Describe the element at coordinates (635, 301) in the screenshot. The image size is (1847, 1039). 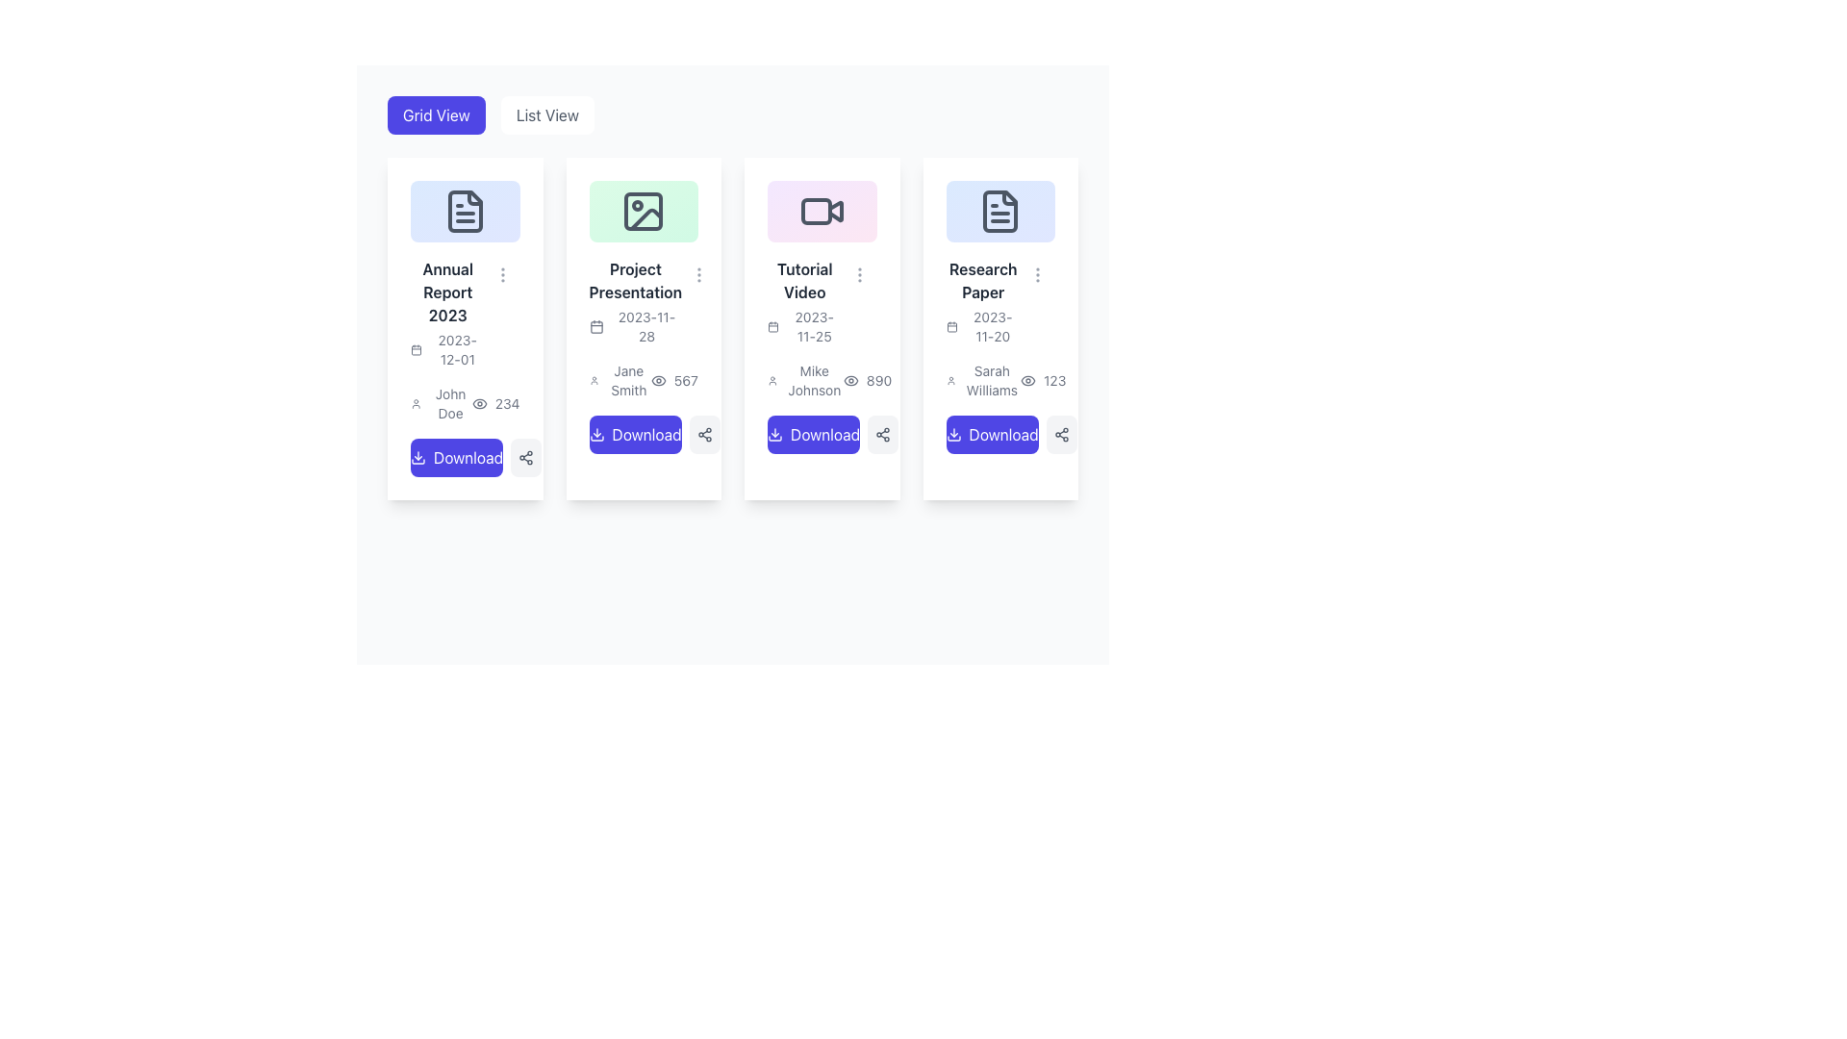
I see `the title and date text block of the second card in the horizontally-arranged grid, which provides essential contextual information about the card's content` at that location.